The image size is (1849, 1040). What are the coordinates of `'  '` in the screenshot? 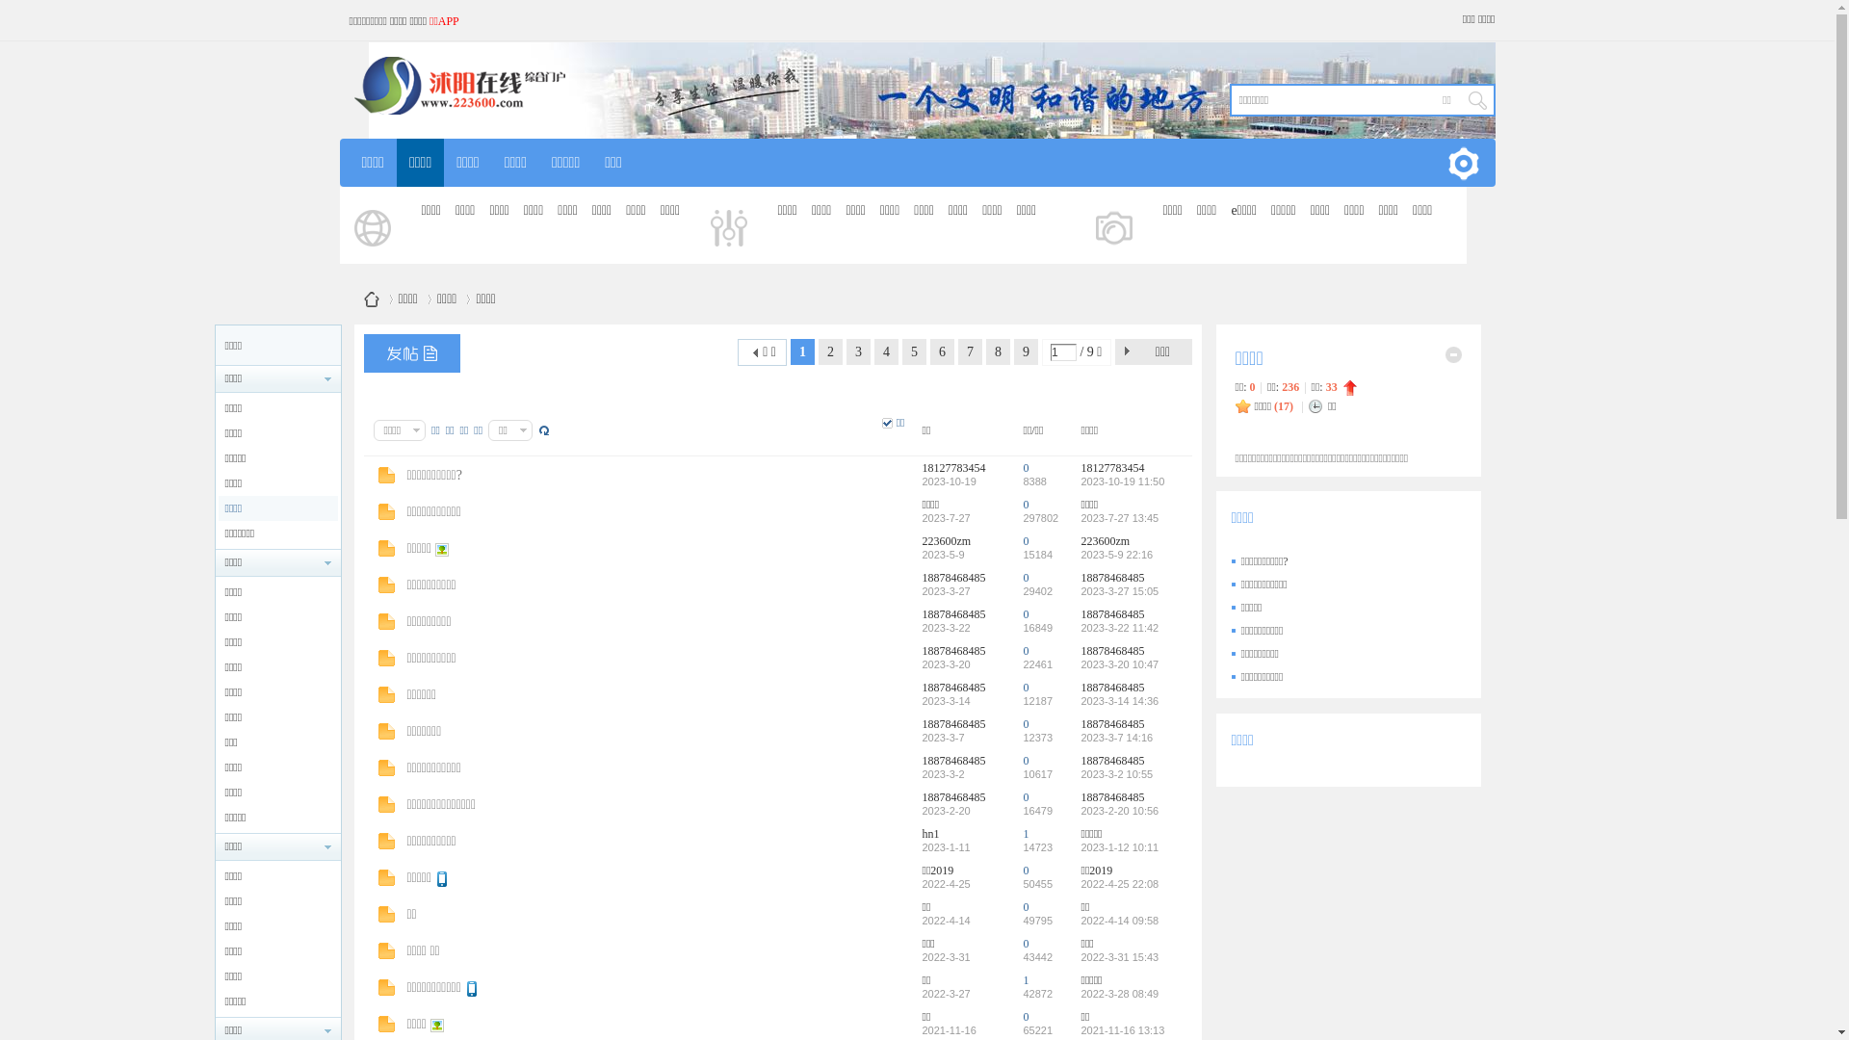 It's located at (1476, 100).